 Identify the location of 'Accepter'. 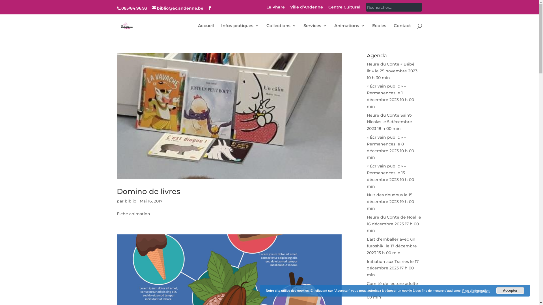
(510, 291).